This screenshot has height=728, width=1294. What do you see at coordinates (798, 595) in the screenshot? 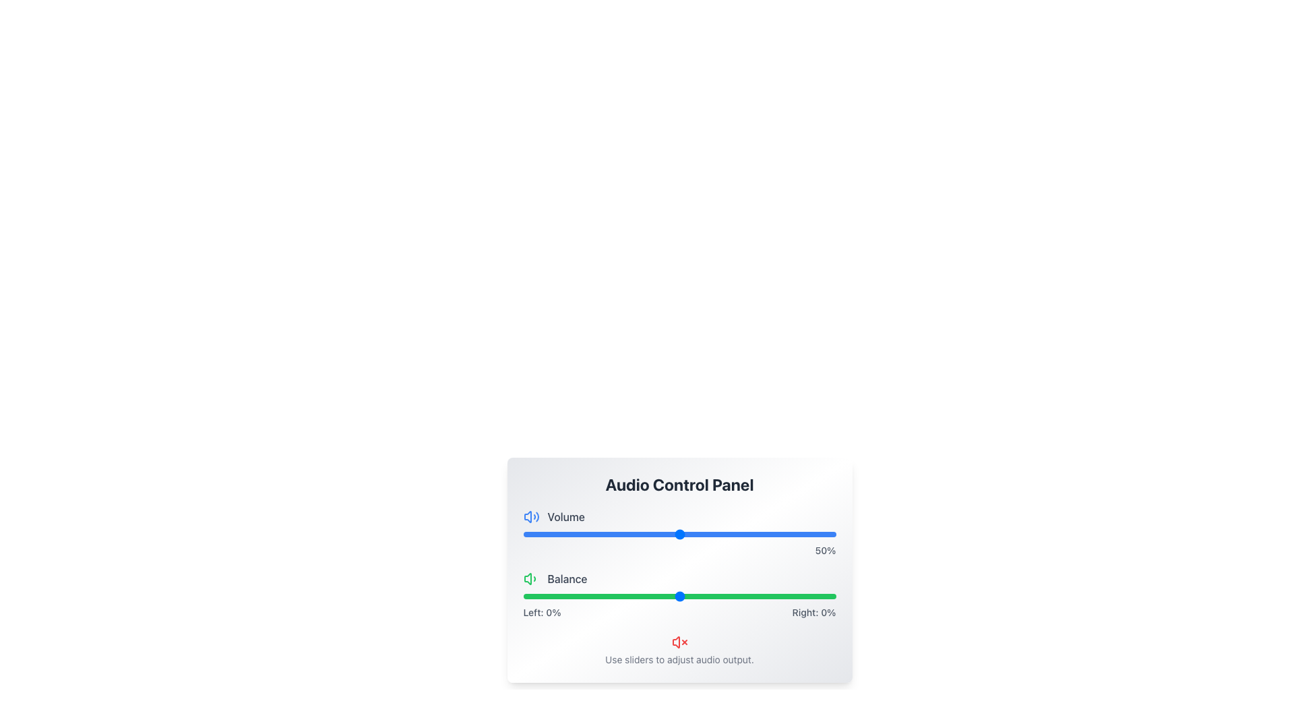
I see `the balance` at bounding box center [798, 595].